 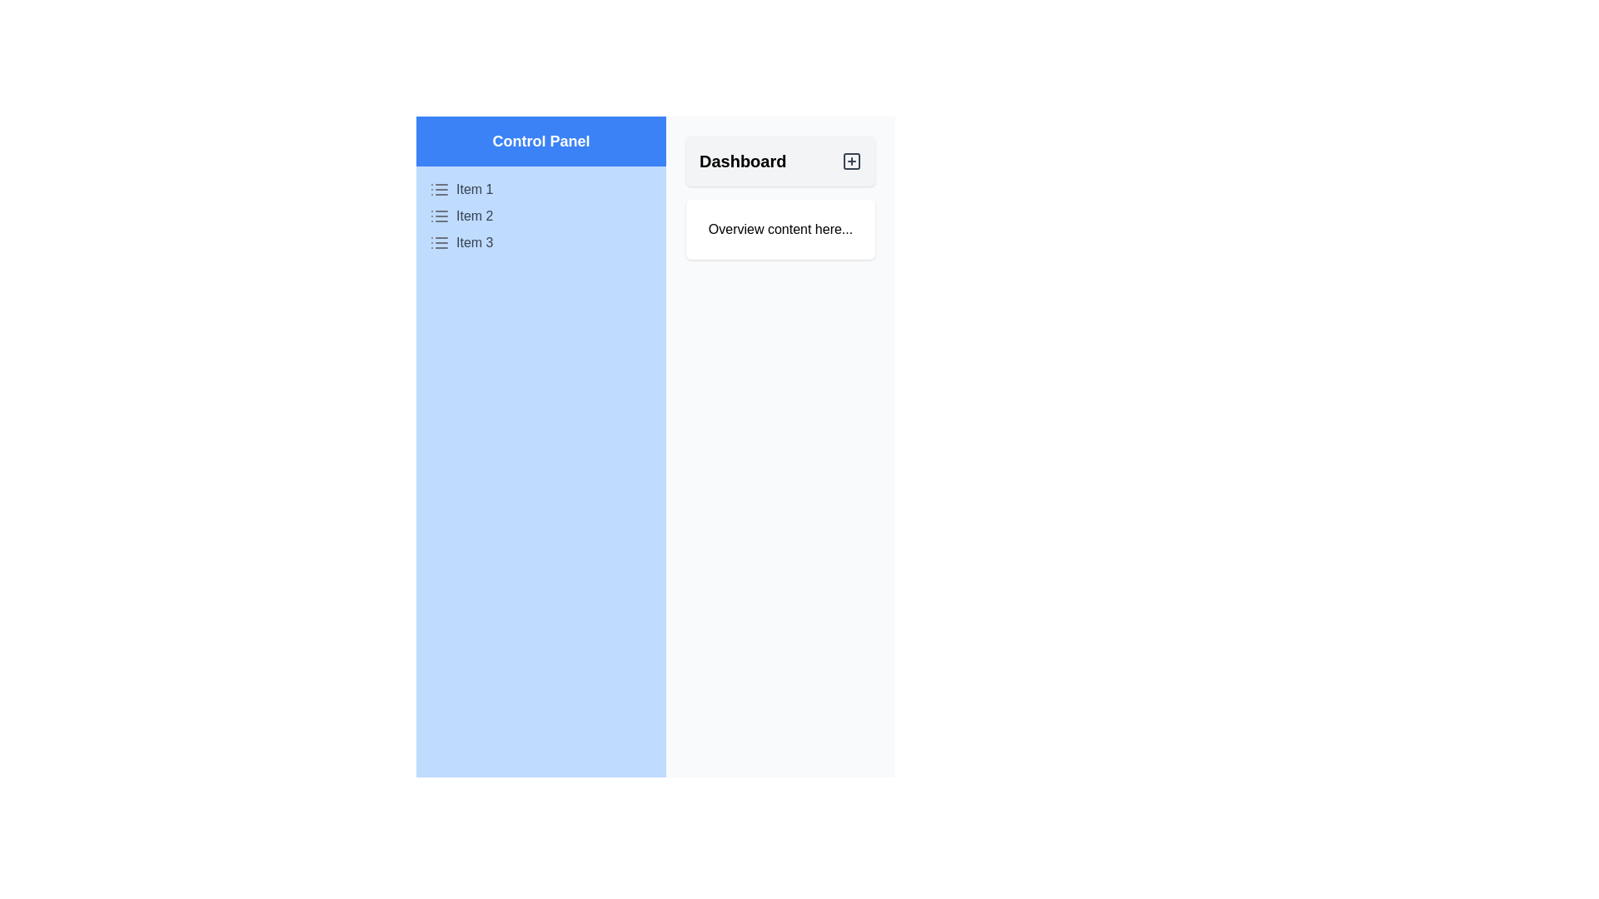 I want to click on the blue rectangular header labeled 'Control Panel' located at the top of the left sidebar, so click(x=540, y=140).